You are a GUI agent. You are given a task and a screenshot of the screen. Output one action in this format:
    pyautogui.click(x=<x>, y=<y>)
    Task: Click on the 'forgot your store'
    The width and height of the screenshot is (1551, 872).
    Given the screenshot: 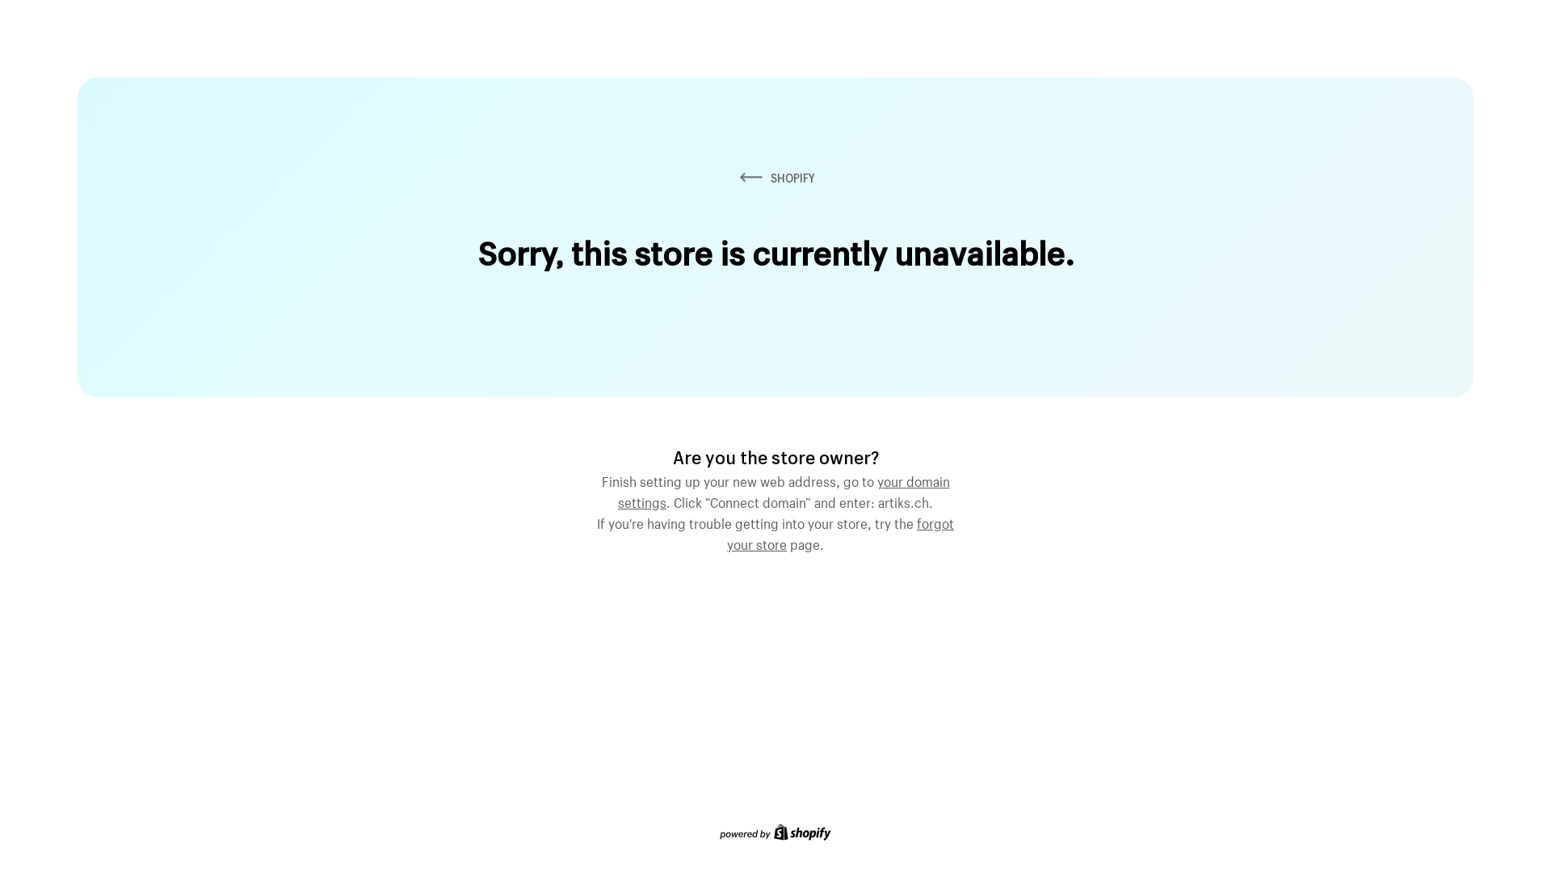 What is the action you would take?
    pyautogui.click(x=840, y=532)
    